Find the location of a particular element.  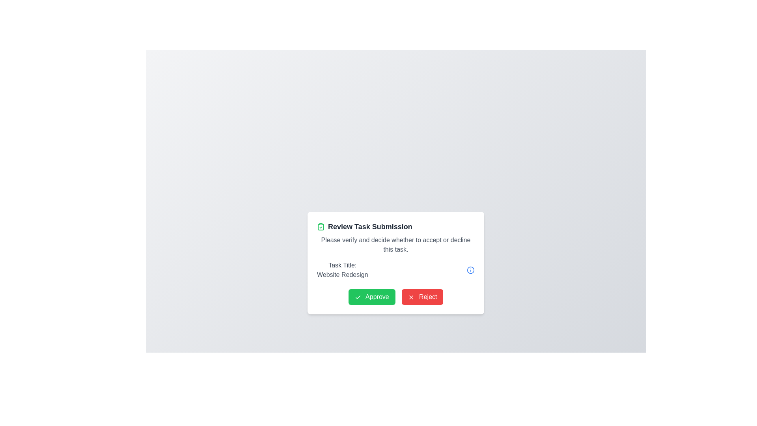

the icon representing task submission or review action is located at coordinates (321, 226).